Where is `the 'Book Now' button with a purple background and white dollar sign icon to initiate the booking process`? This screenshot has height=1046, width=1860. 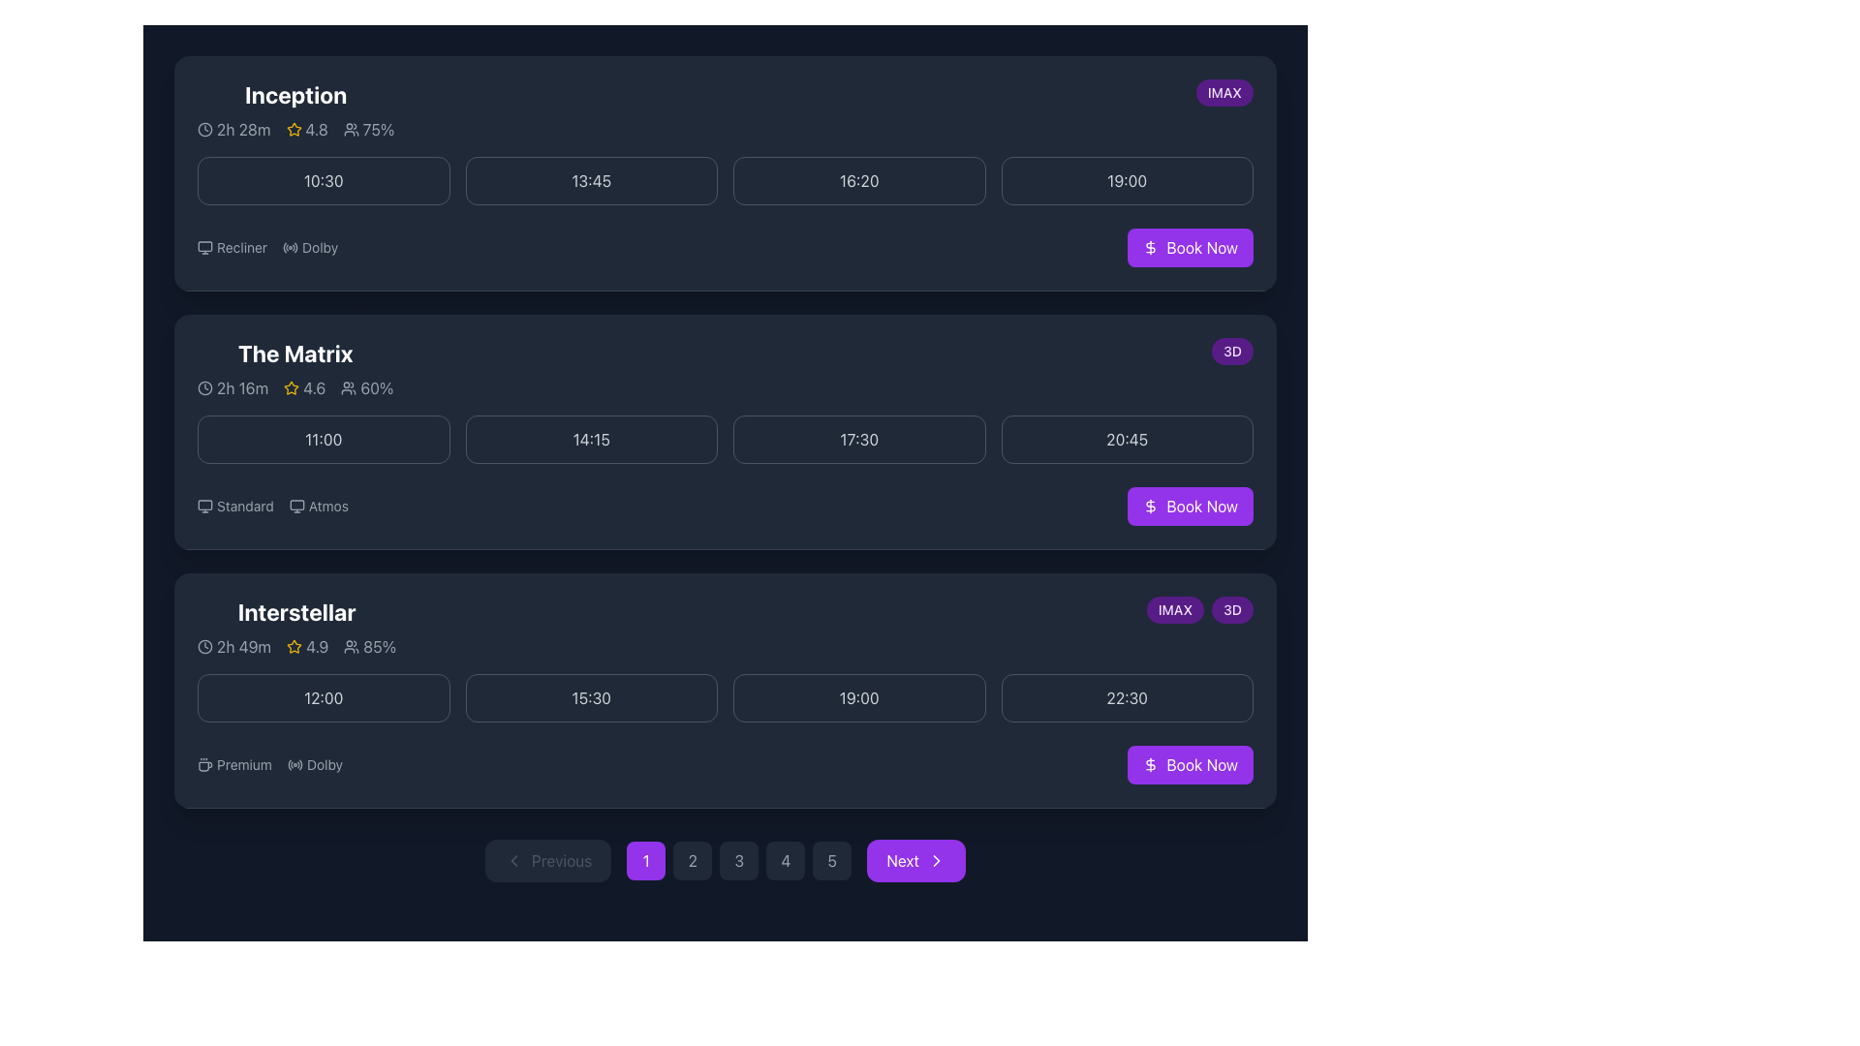 the 'Book Now' button with a purple background and white dollar sign icon to initiate the booking process is located at coordinates (1190, 764).